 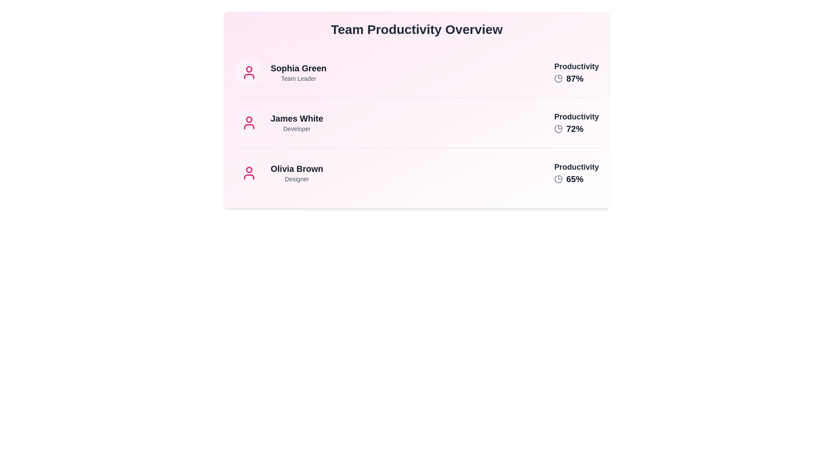 What do you see at coordinates (559, 178) in the screenshot?
I see `the pie chart icon representing the '65%' value under the 'Productivity' heading in the 'Team Productivity Overview' table for 'Olivia Brown'` at bounding box center [559, 178].